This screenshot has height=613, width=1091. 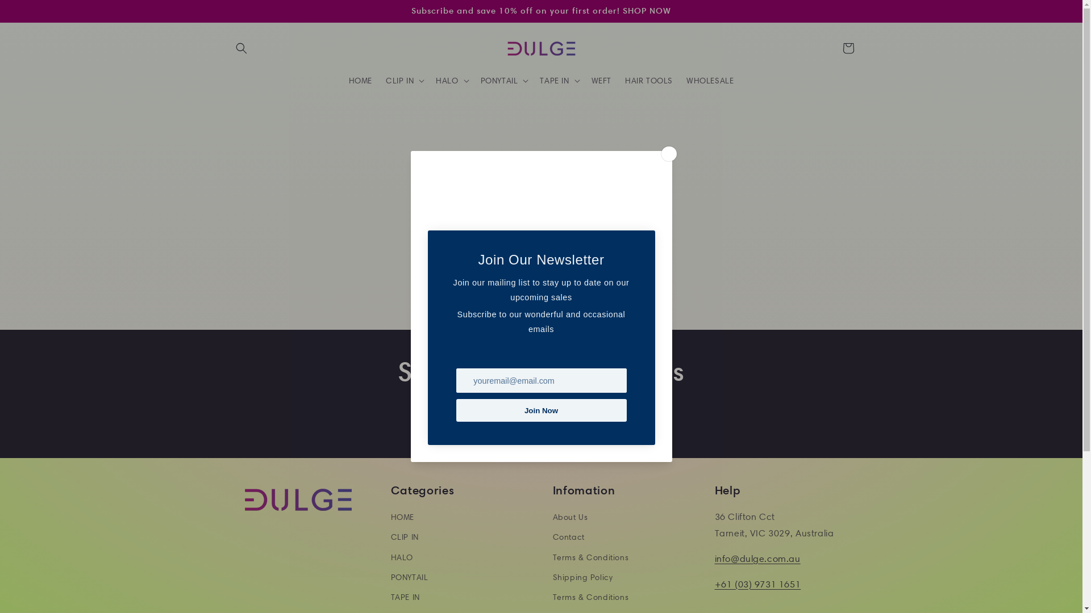 What do you see at coordinates (714, 584) in the screenshot?
I see `'+61 (03) 9731 1651'` at bounding box center [714, 584].